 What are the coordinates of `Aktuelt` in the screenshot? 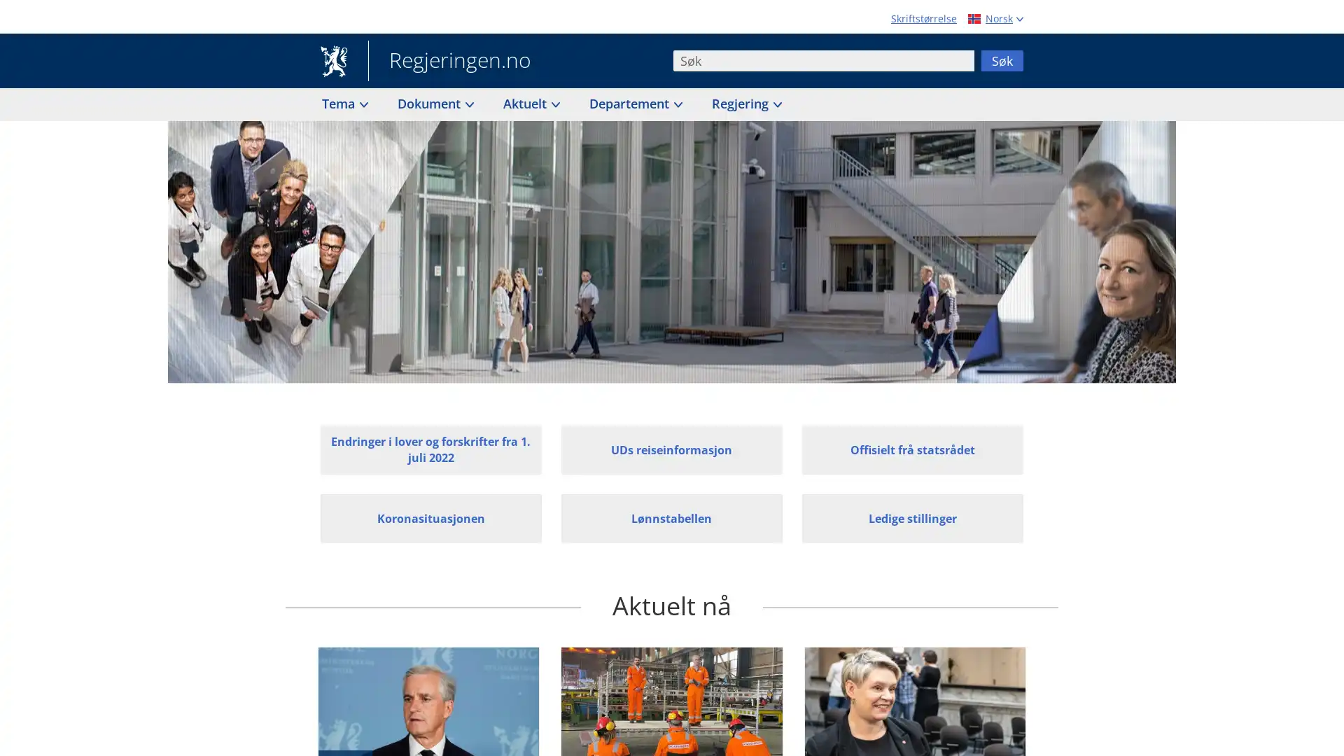 It's located at (530, 103).